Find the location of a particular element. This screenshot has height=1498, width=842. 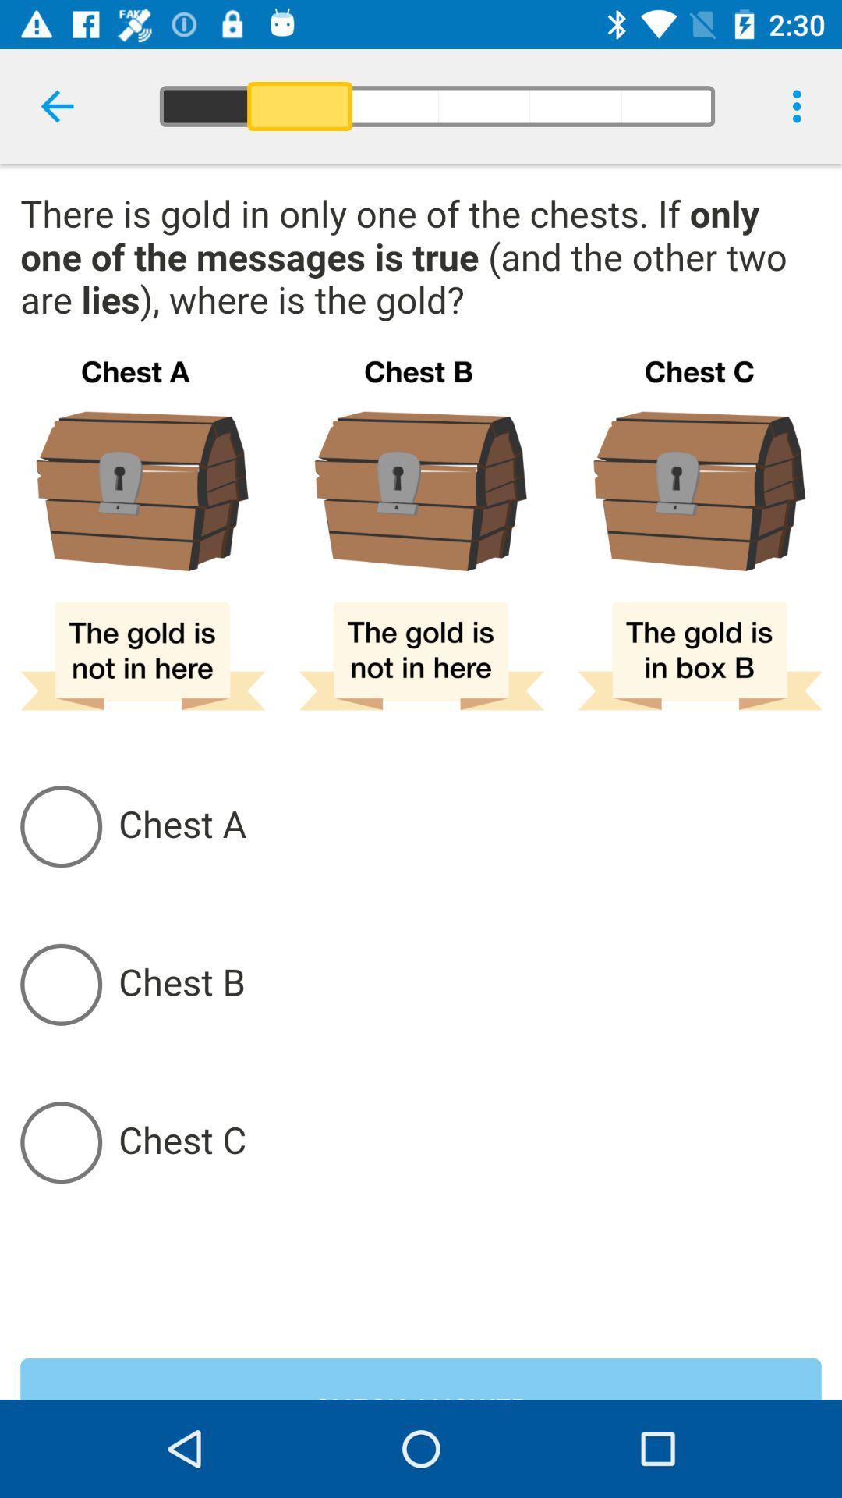

chest a selection is located at coordinates (469, 825).